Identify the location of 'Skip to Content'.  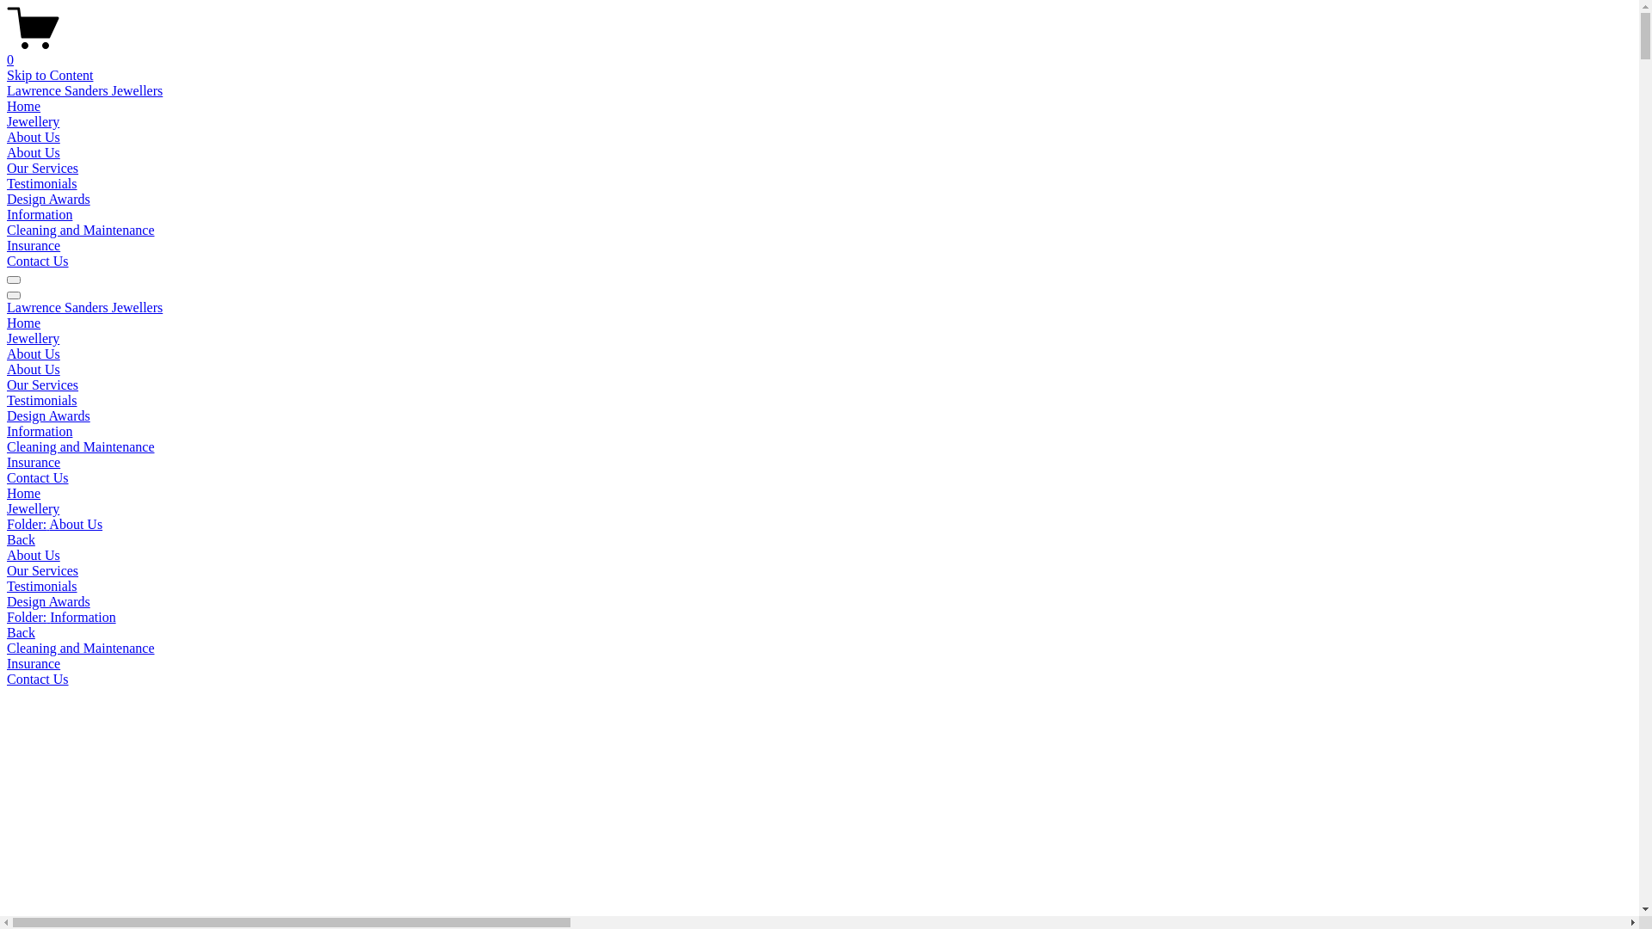
(49, 74).